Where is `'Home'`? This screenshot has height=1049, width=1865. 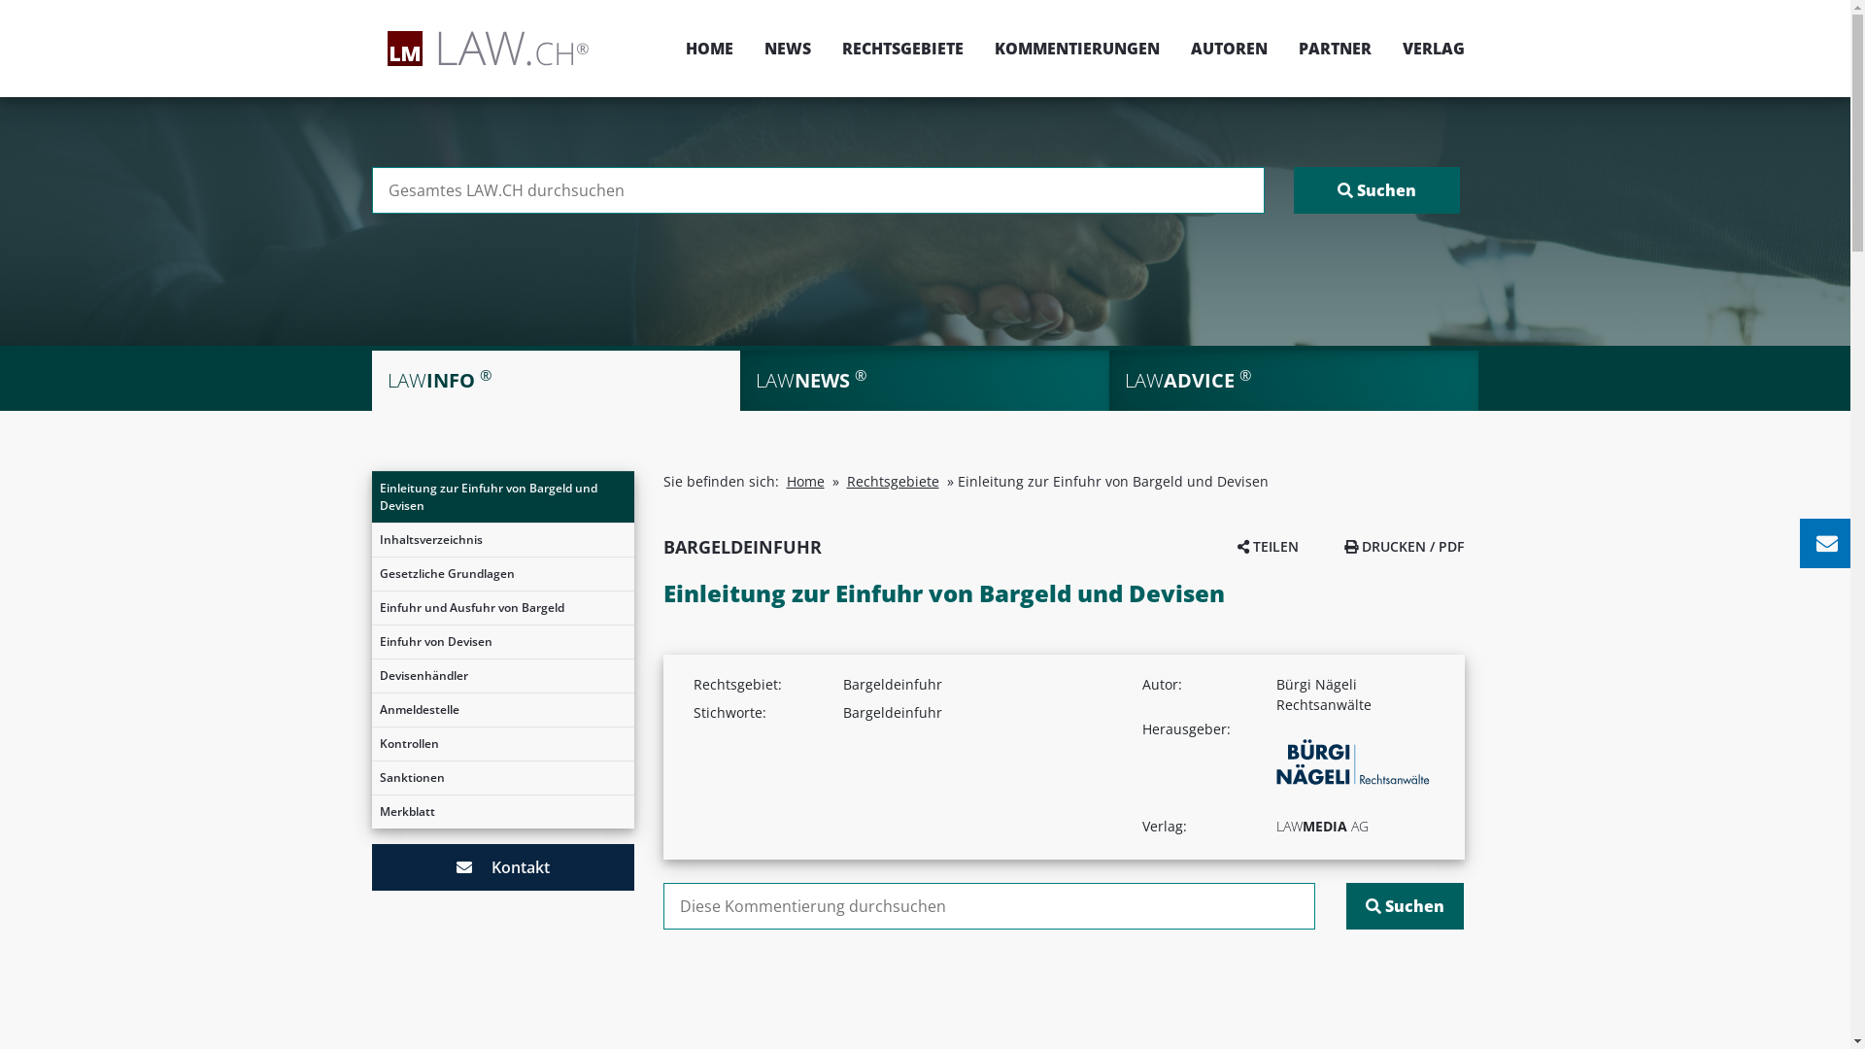
'Home' is located at coordinates (805, 481).